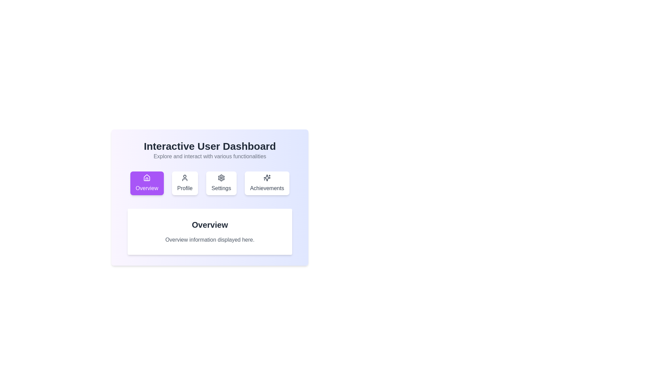 This screenshot has width=650, height=366. I want to click on the 'Settings' button, which features a gear icon above the text, located in the row beneath the 'Interactive User Dashboard', so click(221, 183).